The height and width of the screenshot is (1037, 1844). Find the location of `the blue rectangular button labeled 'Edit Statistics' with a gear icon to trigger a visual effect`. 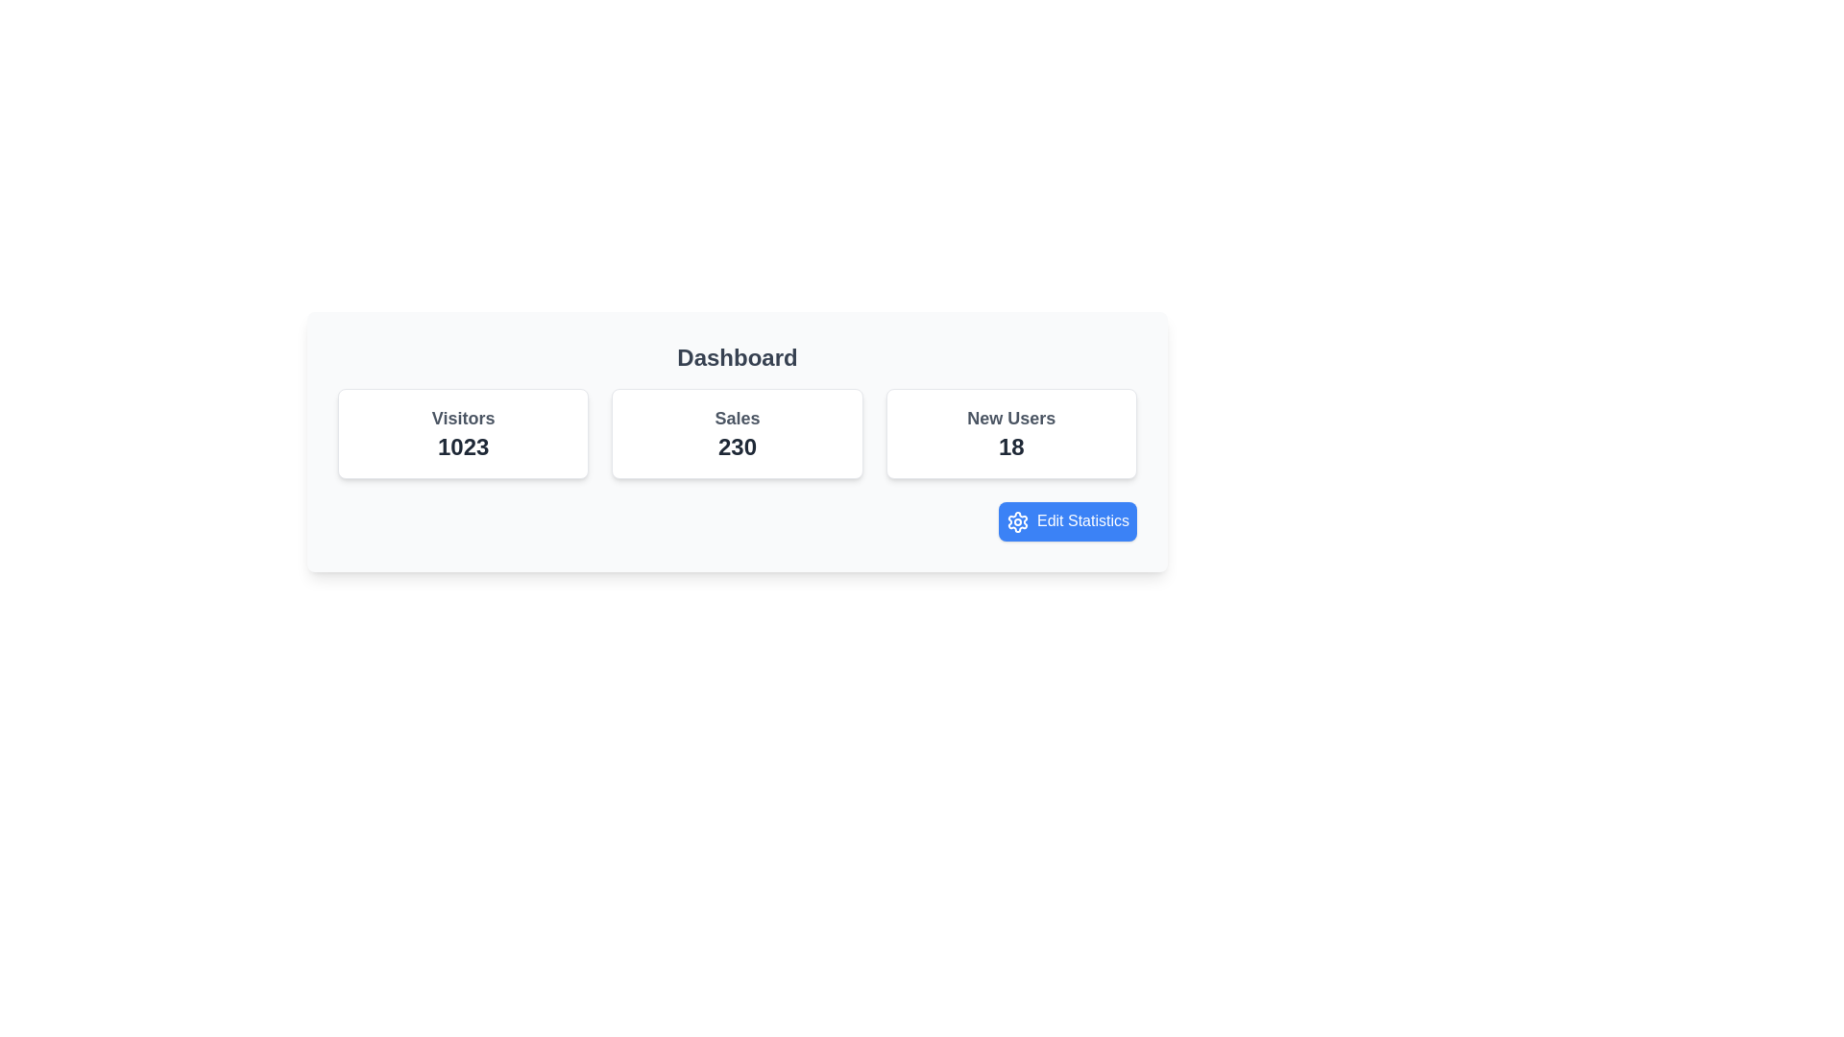

the blue rectangular button labeled 'Edit Statistics' with a gear icon to trigger a visual effect is located at coordinates (1066, 521).